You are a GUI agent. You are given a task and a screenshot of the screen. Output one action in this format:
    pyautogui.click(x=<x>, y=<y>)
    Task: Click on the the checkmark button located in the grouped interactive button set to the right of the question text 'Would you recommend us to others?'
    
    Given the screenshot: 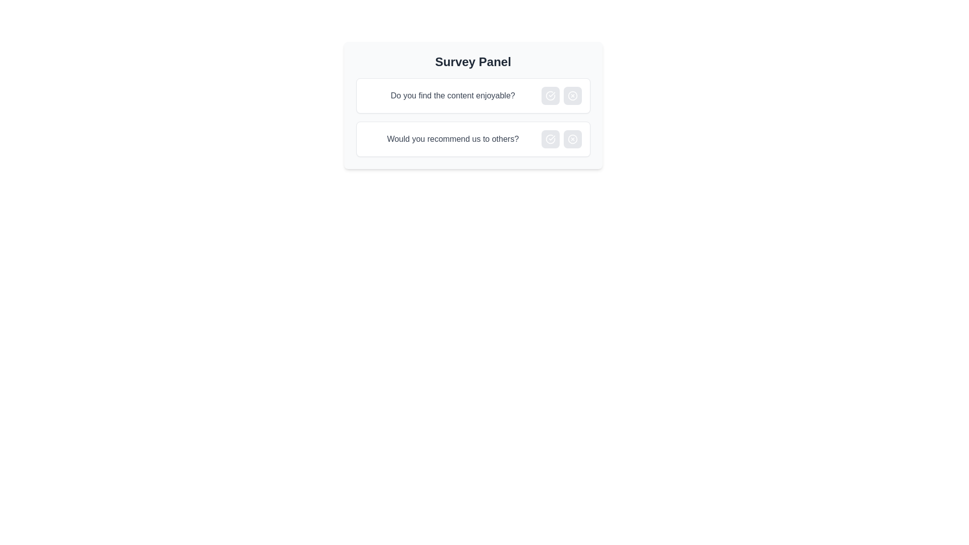 What is the action you would take?
    pyautogui.click(x=561, y=139)
    